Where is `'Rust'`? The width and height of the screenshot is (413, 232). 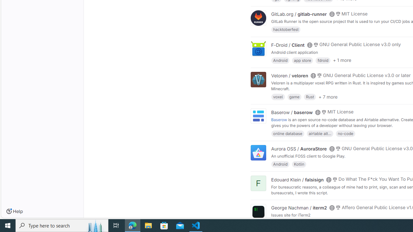 'Rust' is located at coordinates (310, 97).